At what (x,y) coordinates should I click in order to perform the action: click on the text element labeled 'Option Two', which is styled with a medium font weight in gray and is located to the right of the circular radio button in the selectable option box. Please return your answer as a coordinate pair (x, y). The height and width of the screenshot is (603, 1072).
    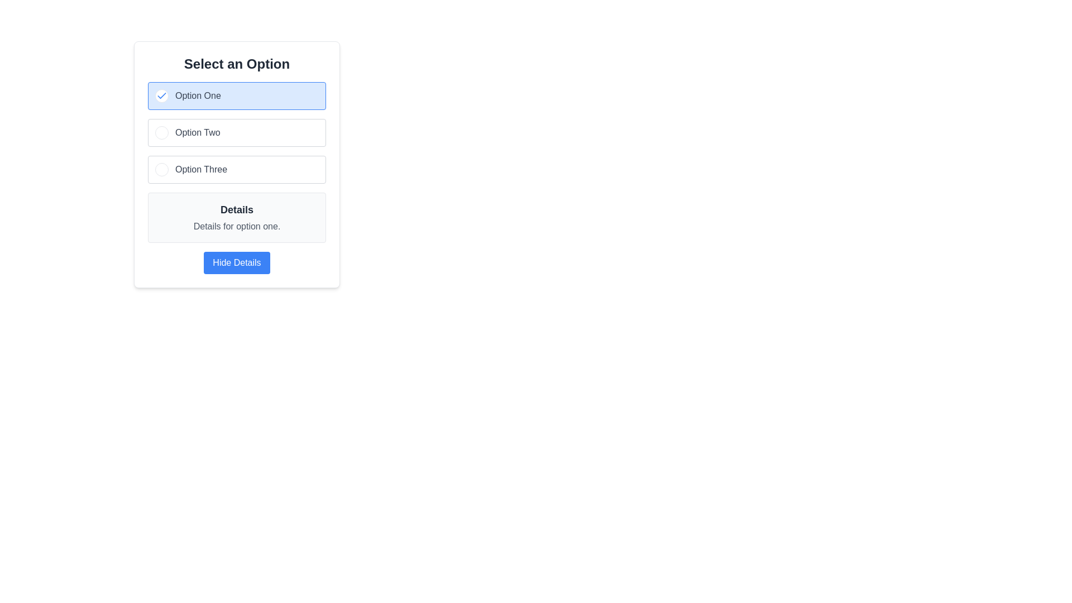
    Looking at the image, I should click on (198, 132).